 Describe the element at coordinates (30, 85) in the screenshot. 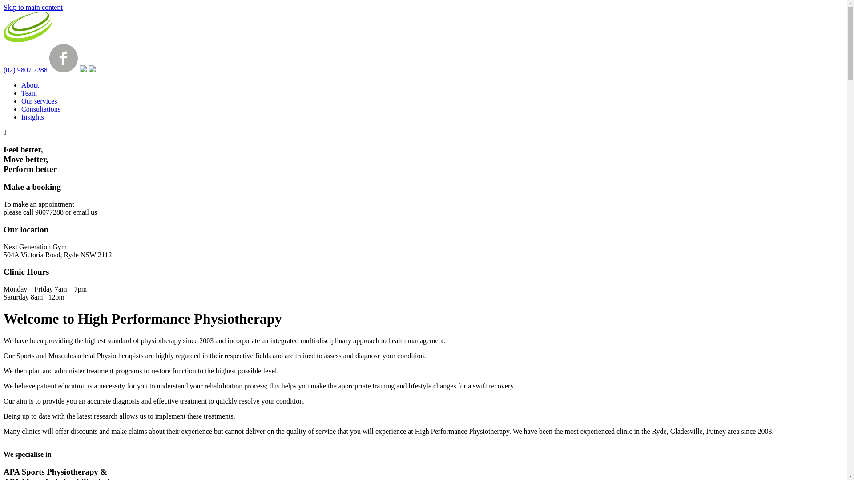

I see `'About'` at that location.